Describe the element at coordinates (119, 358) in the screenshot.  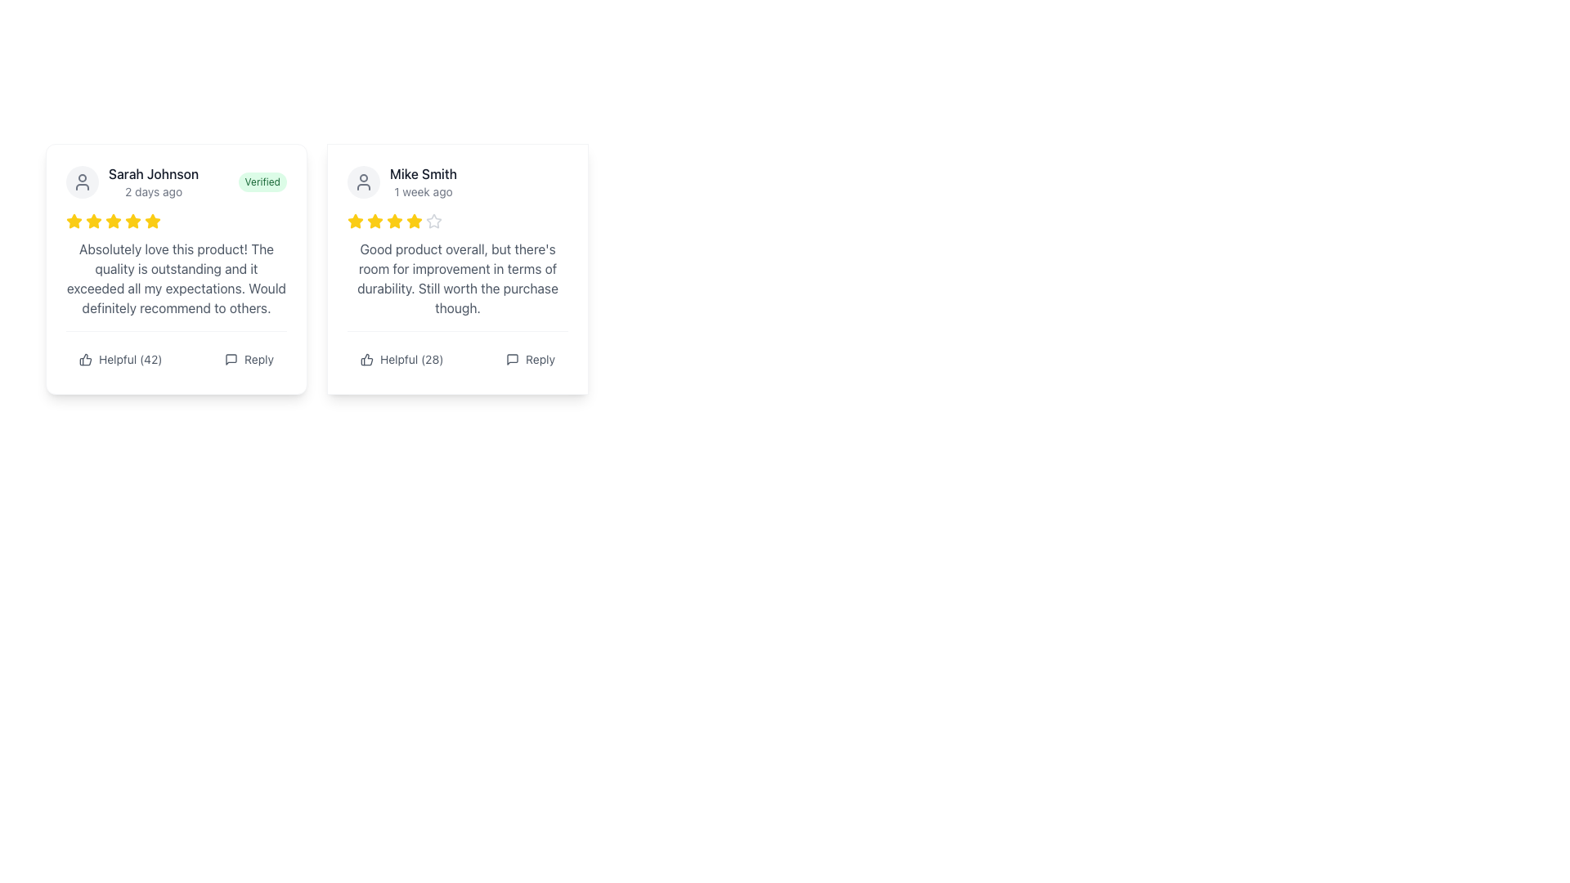
I see `the 'Helpful (42)' button with a thumb-up icon, which is located directly left of the 'Reply' button under the review of 'Sarah Johnson', to observe its hover effects` at that location.